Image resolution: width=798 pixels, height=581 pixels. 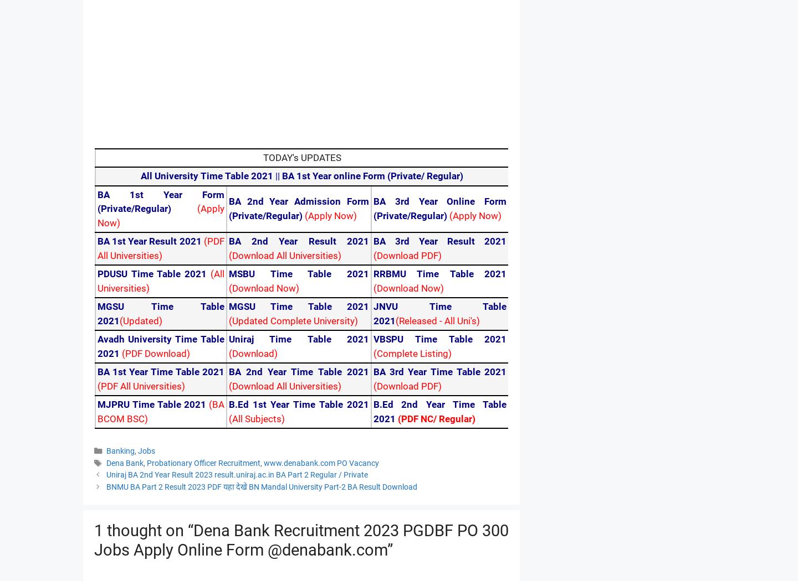 What do you see at coordinates (236, 475) in the screenshot?
I see `'Uniraj BA 2nd Year Result 2023 result.uniraj.ac.in BA Part 2 Regular / Private'` at bounding box center [236, 475].